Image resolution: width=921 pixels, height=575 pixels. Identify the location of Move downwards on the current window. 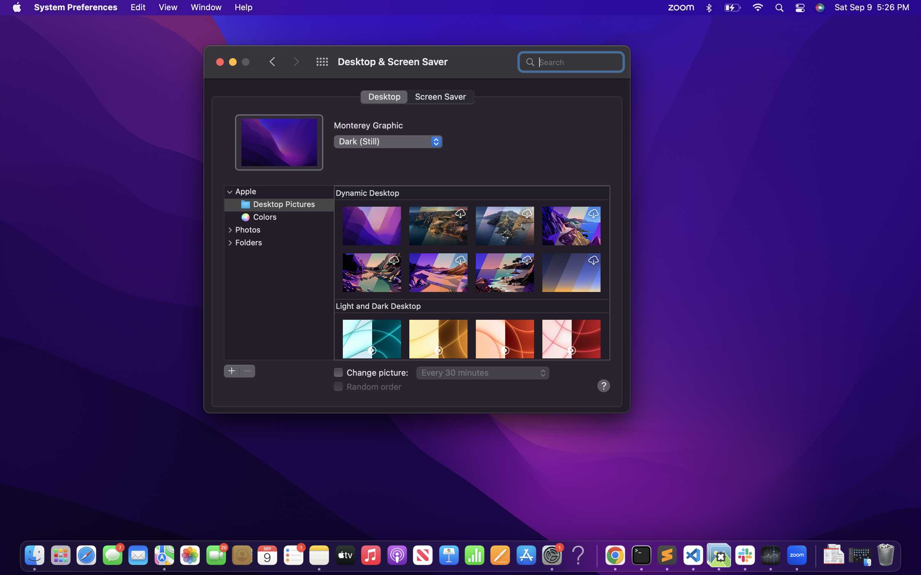
(473, 273).